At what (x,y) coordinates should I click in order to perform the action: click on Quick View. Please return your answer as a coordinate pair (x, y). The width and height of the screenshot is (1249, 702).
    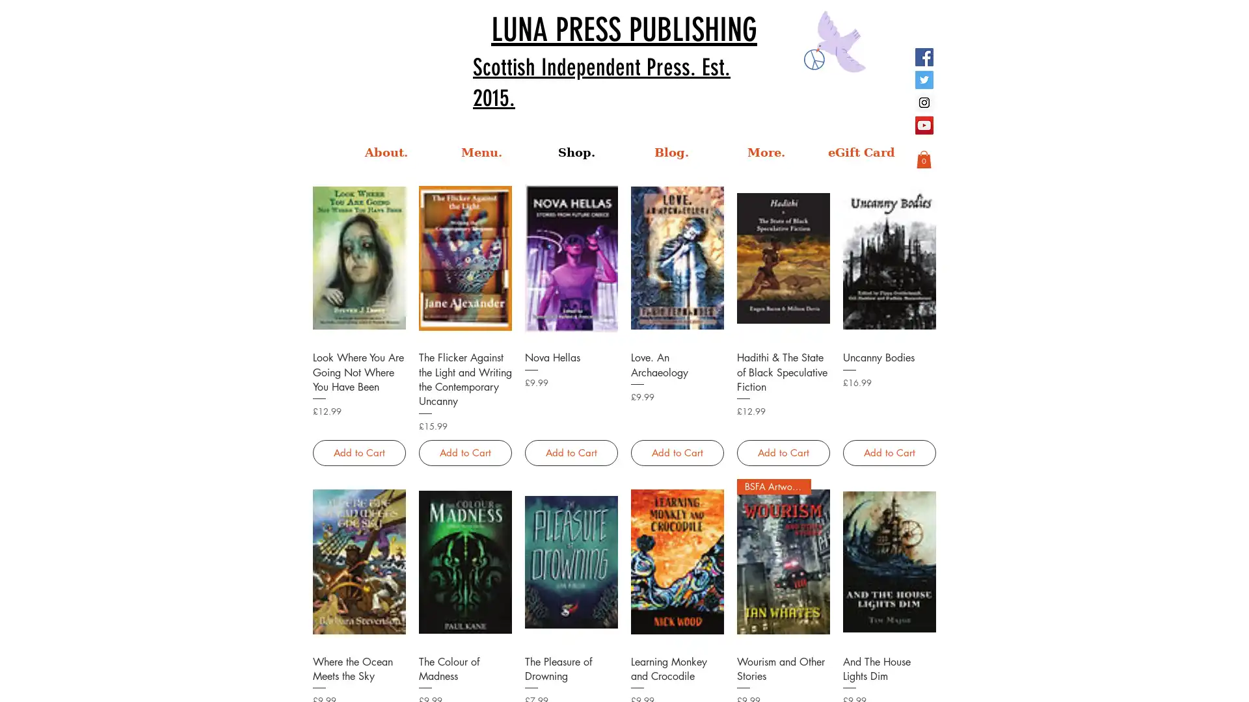
    Looking at the image, I should click on (677, 356).